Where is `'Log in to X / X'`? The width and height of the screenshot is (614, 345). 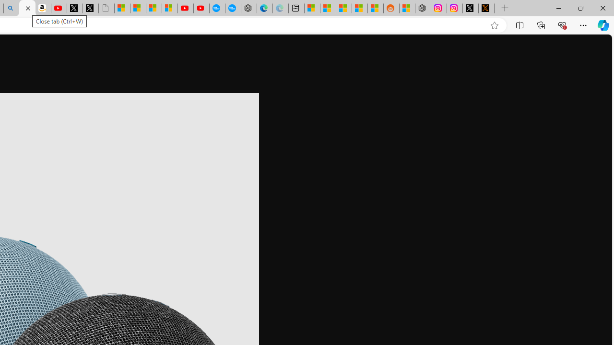
'Log in to X / X' is located at coordinates (471, 8).